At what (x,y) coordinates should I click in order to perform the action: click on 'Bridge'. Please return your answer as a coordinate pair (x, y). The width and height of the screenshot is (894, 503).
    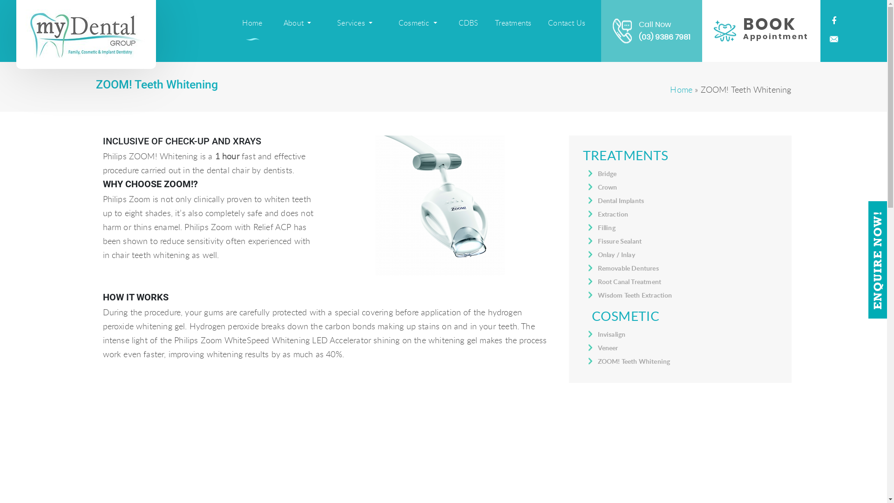
    Looking at the image, I should click on (607, 173).